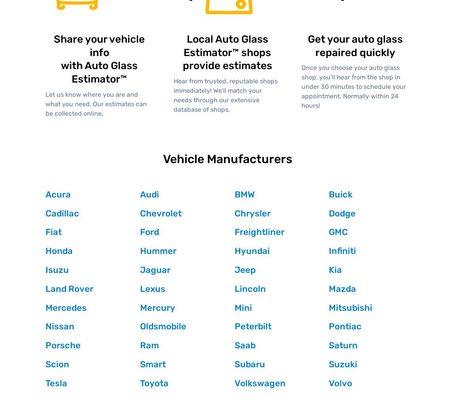  Describe the element at coordinates (99, 72) in the screenshot. I see `'with Auto Glass Estimator™'` at that location.